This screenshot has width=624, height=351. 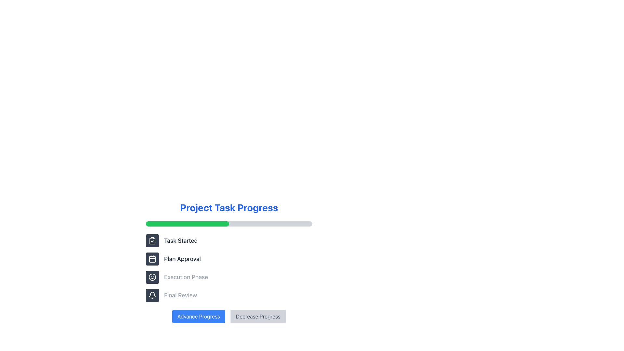 What do you see at coordinates (152, 240) in the screenshot?
I see `the 'Task Started' icon located in the vertical list of task steps on the left part of the layout` at bounding box center [152, 240].